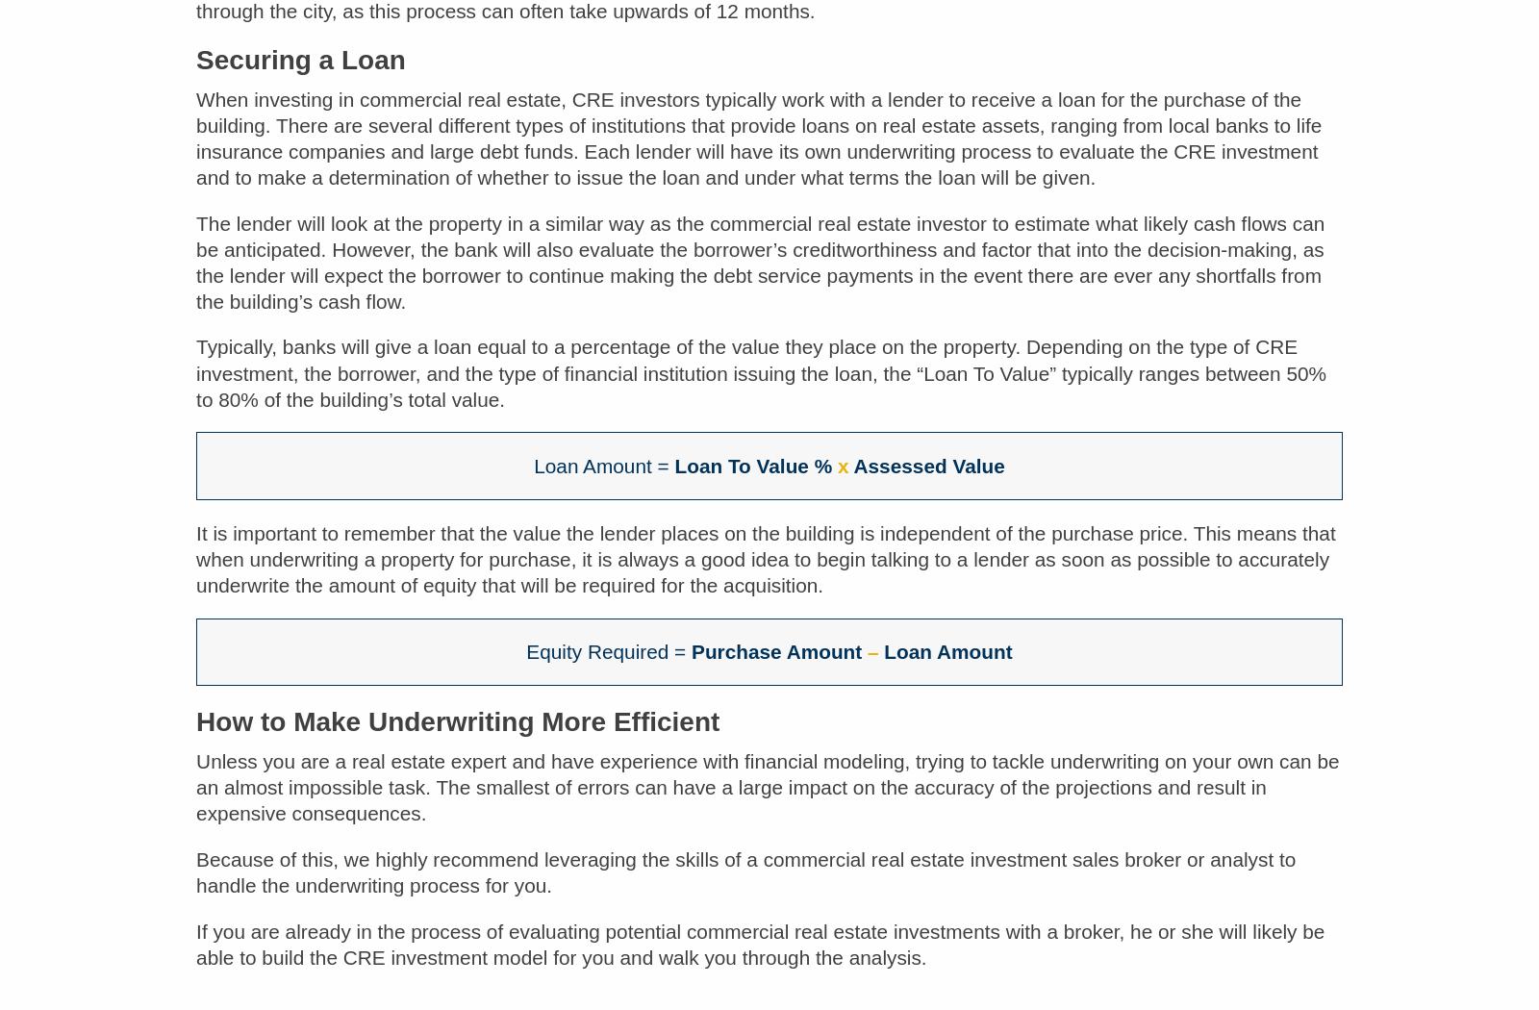  I want to click on 'Unless you are a real estate expert and have experience with financial modeling, trying to tackle underwriting on your own can be an almost impossible task. The smallest of errors can have a large impact on the accuracy of the projections and result in expensive consequences.', so click(768, 800).